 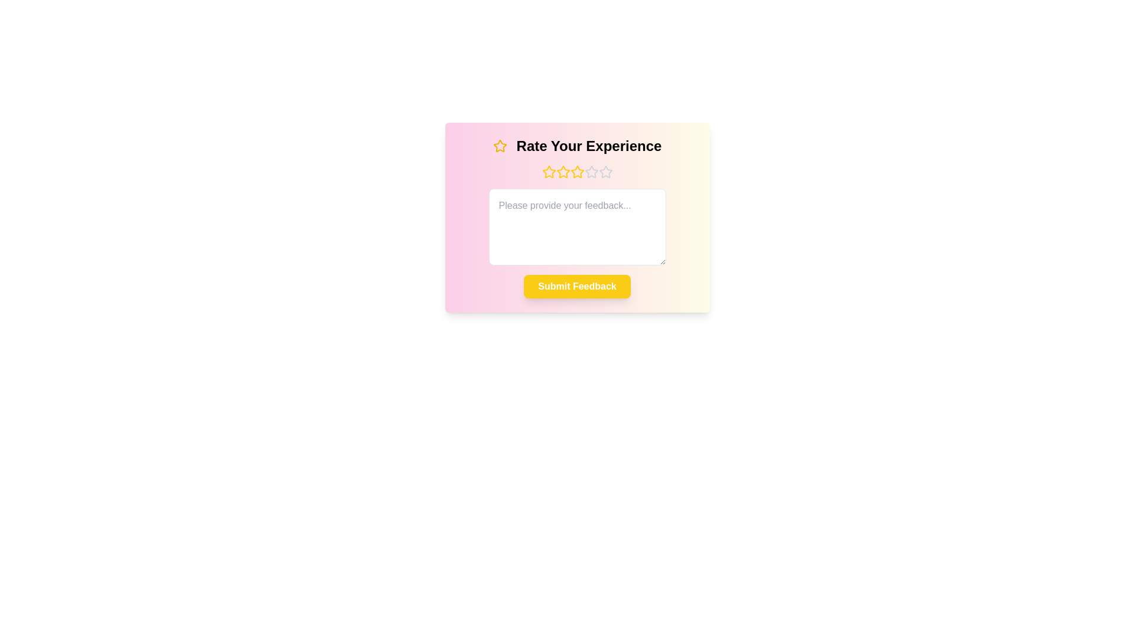 I want to click on the rating to 2 stars by clicking on the corresponding star, so click(x=562, y=172).